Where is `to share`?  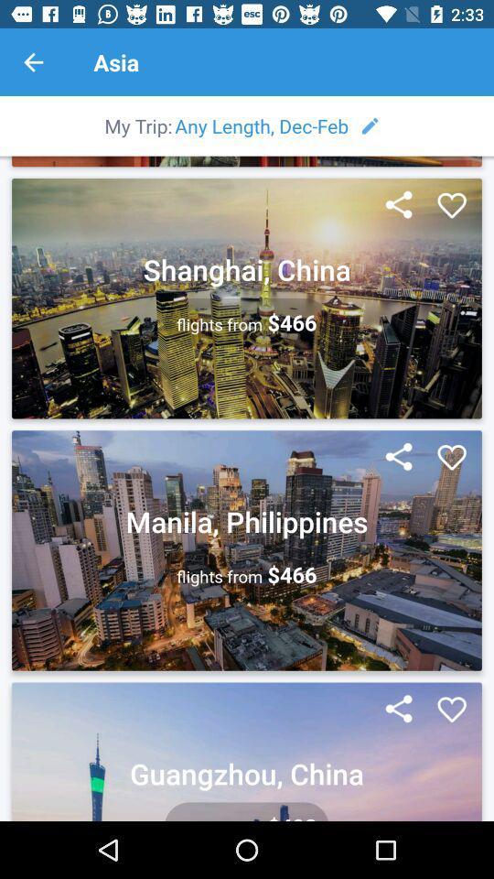 to share is located at coordinates (398, 709).